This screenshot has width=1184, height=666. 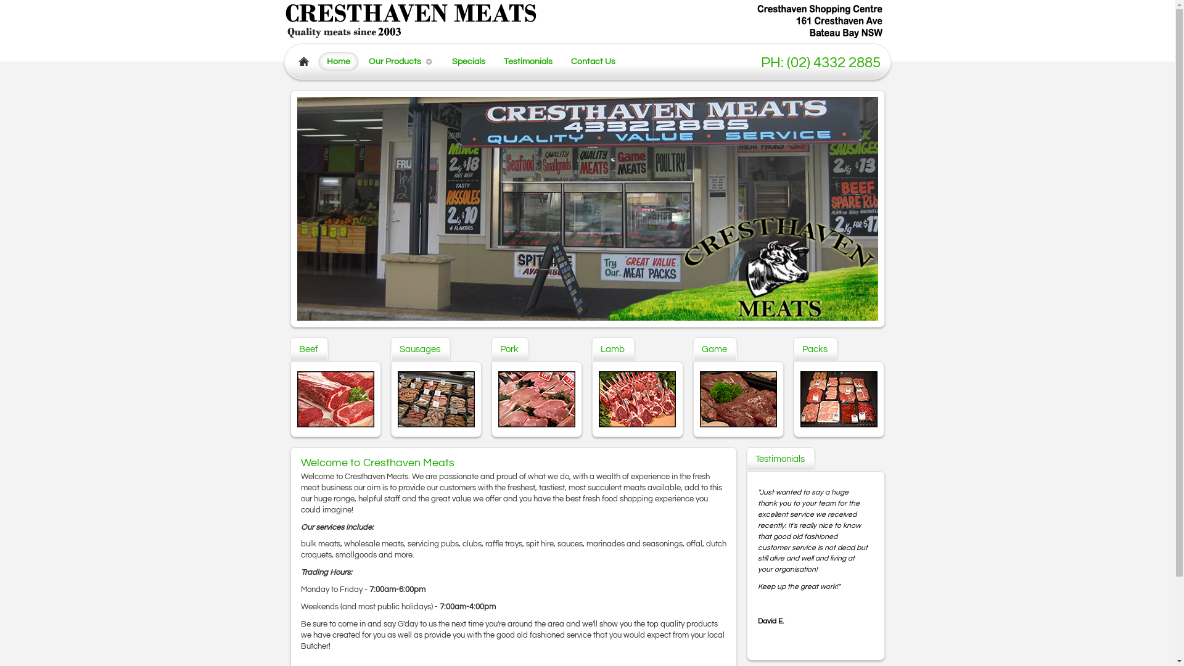 I want to click on 'Home', so click(x=338, y=61).